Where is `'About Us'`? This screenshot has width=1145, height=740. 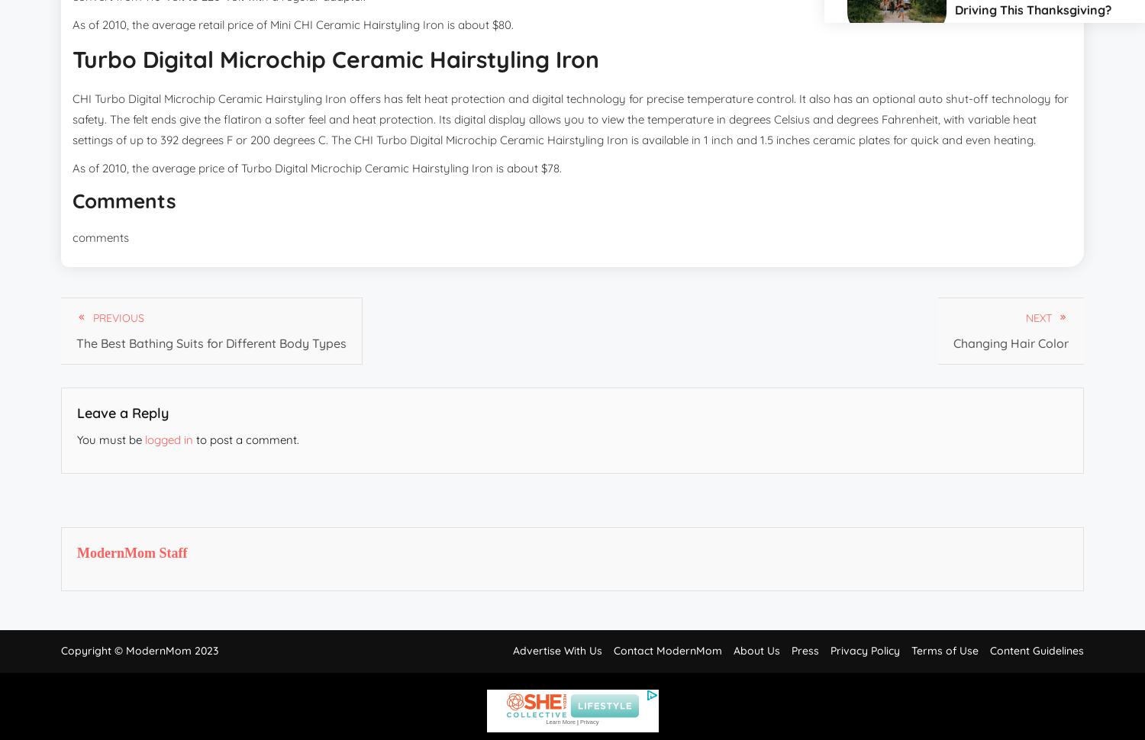 'About Us' is located at coordinates (756, 650).